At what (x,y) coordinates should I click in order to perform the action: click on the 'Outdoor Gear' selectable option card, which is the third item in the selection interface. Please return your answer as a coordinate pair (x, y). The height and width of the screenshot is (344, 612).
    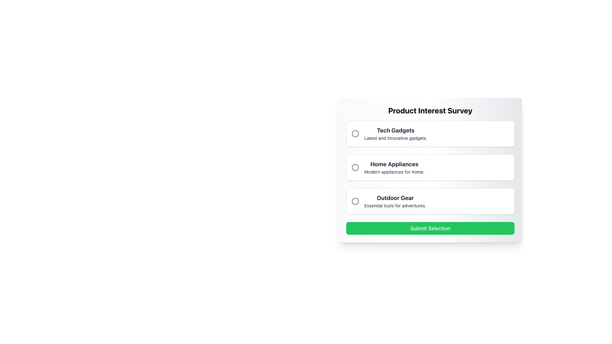
    Looking at the image, I should click on (430, 201).